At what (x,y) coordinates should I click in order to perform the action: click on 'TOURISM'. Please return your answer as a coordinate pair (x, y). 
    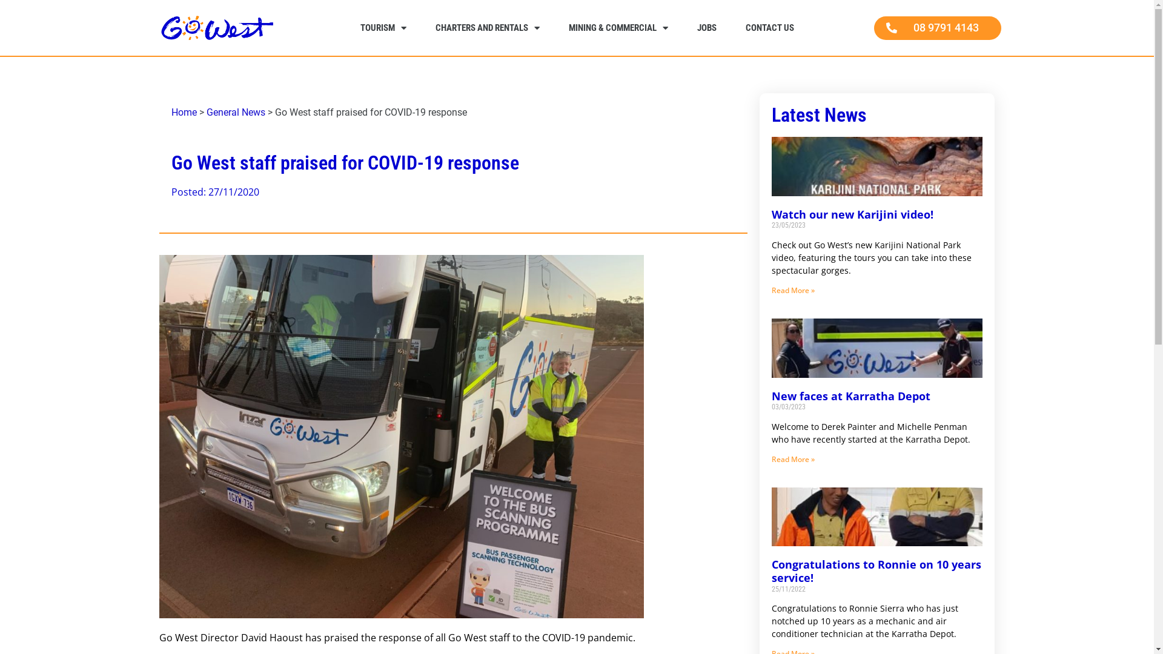
    Looking at the image, I should click on (382, 27).